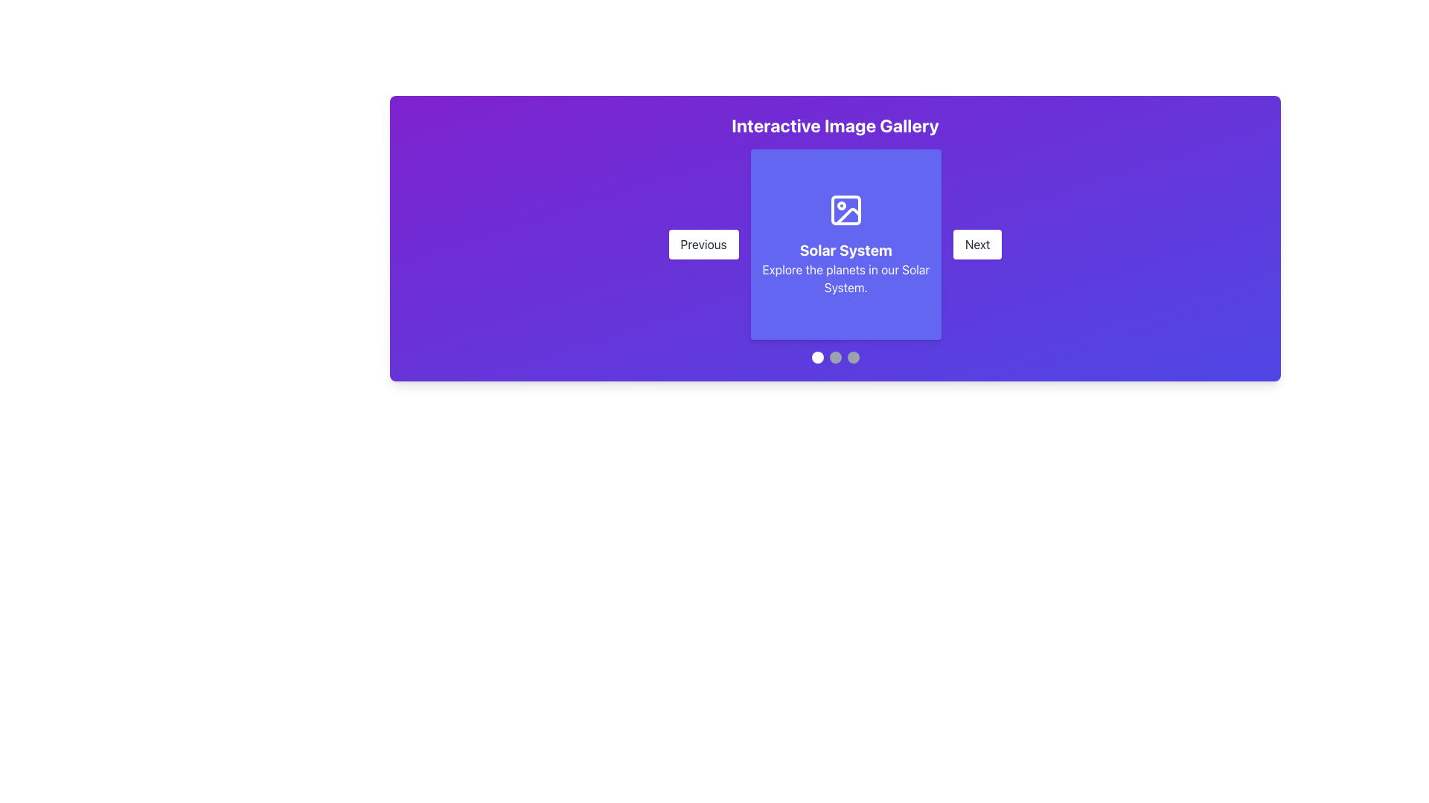  Describe the element at coordinates (703, 243) in the screenshot. I see `the 'Previous' button located to the left of the 'Solar System' content` at that location.